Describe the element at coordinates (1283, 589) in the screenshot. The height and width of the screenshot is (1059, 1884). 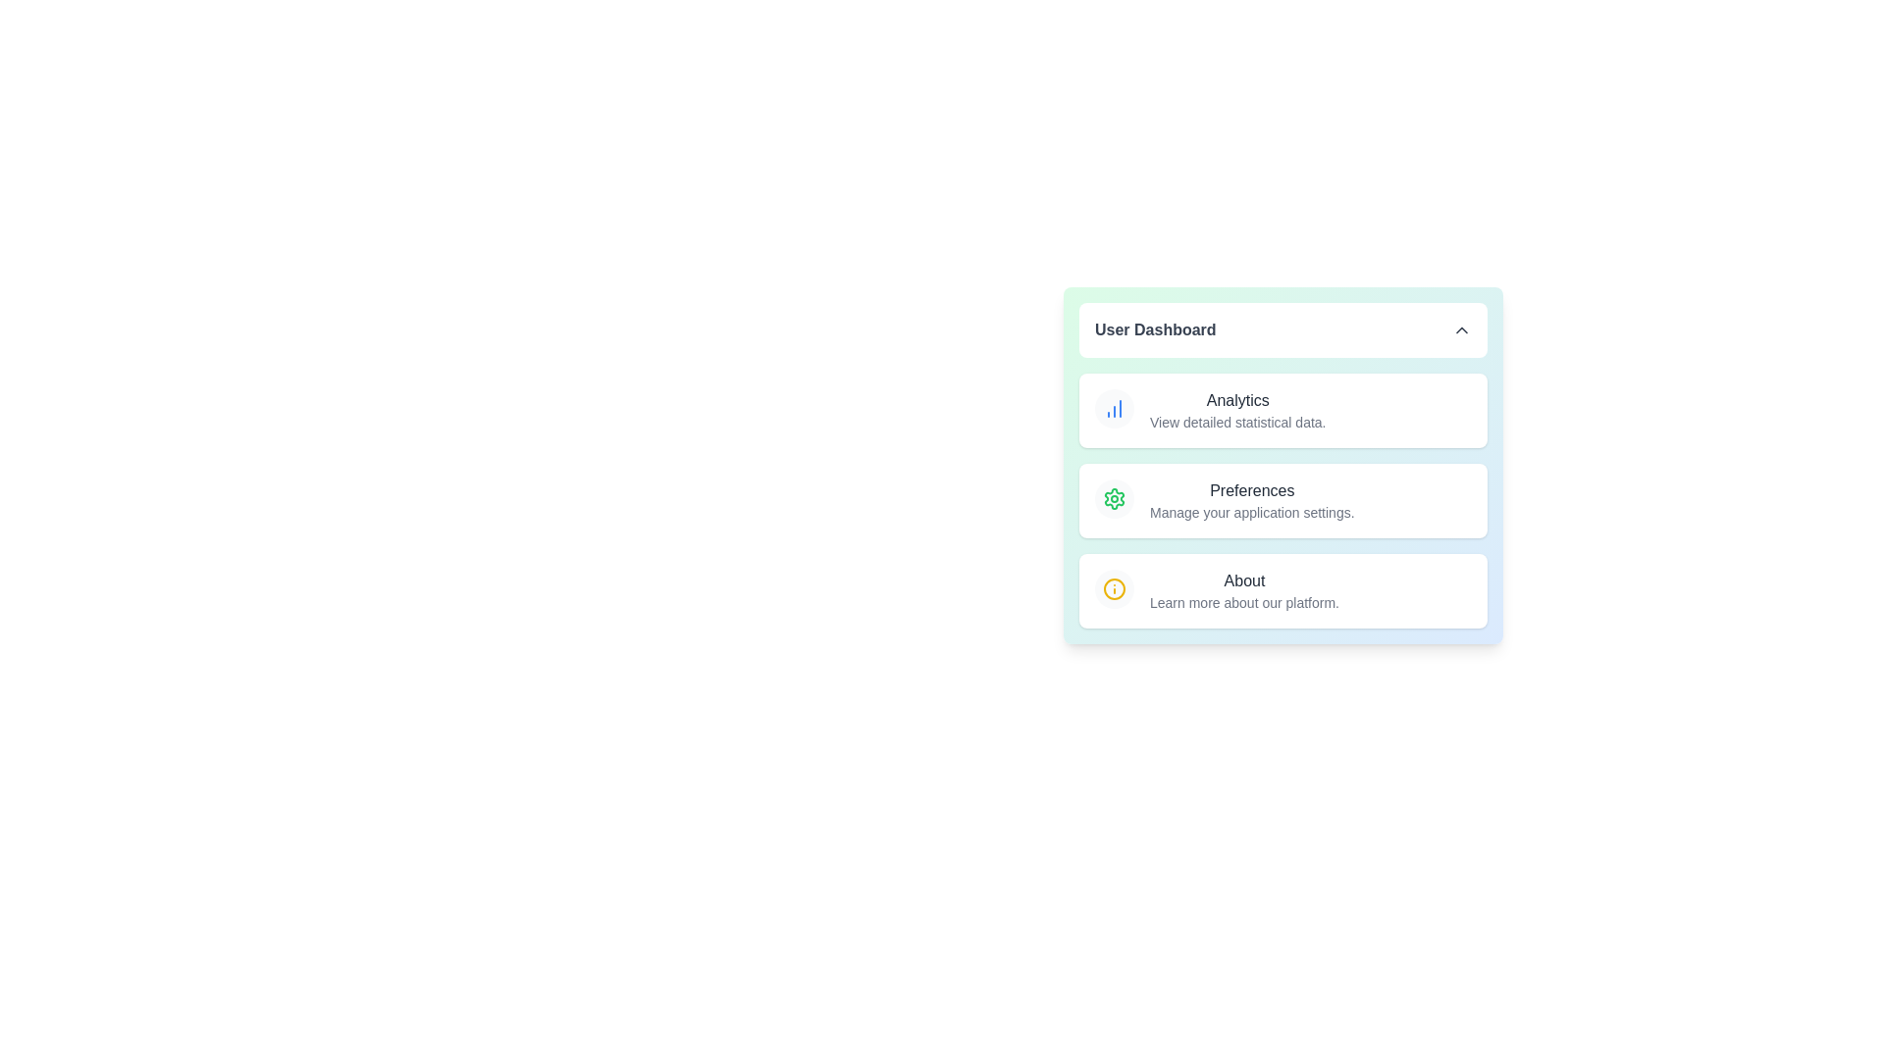
I see `the menu item About` at that location.